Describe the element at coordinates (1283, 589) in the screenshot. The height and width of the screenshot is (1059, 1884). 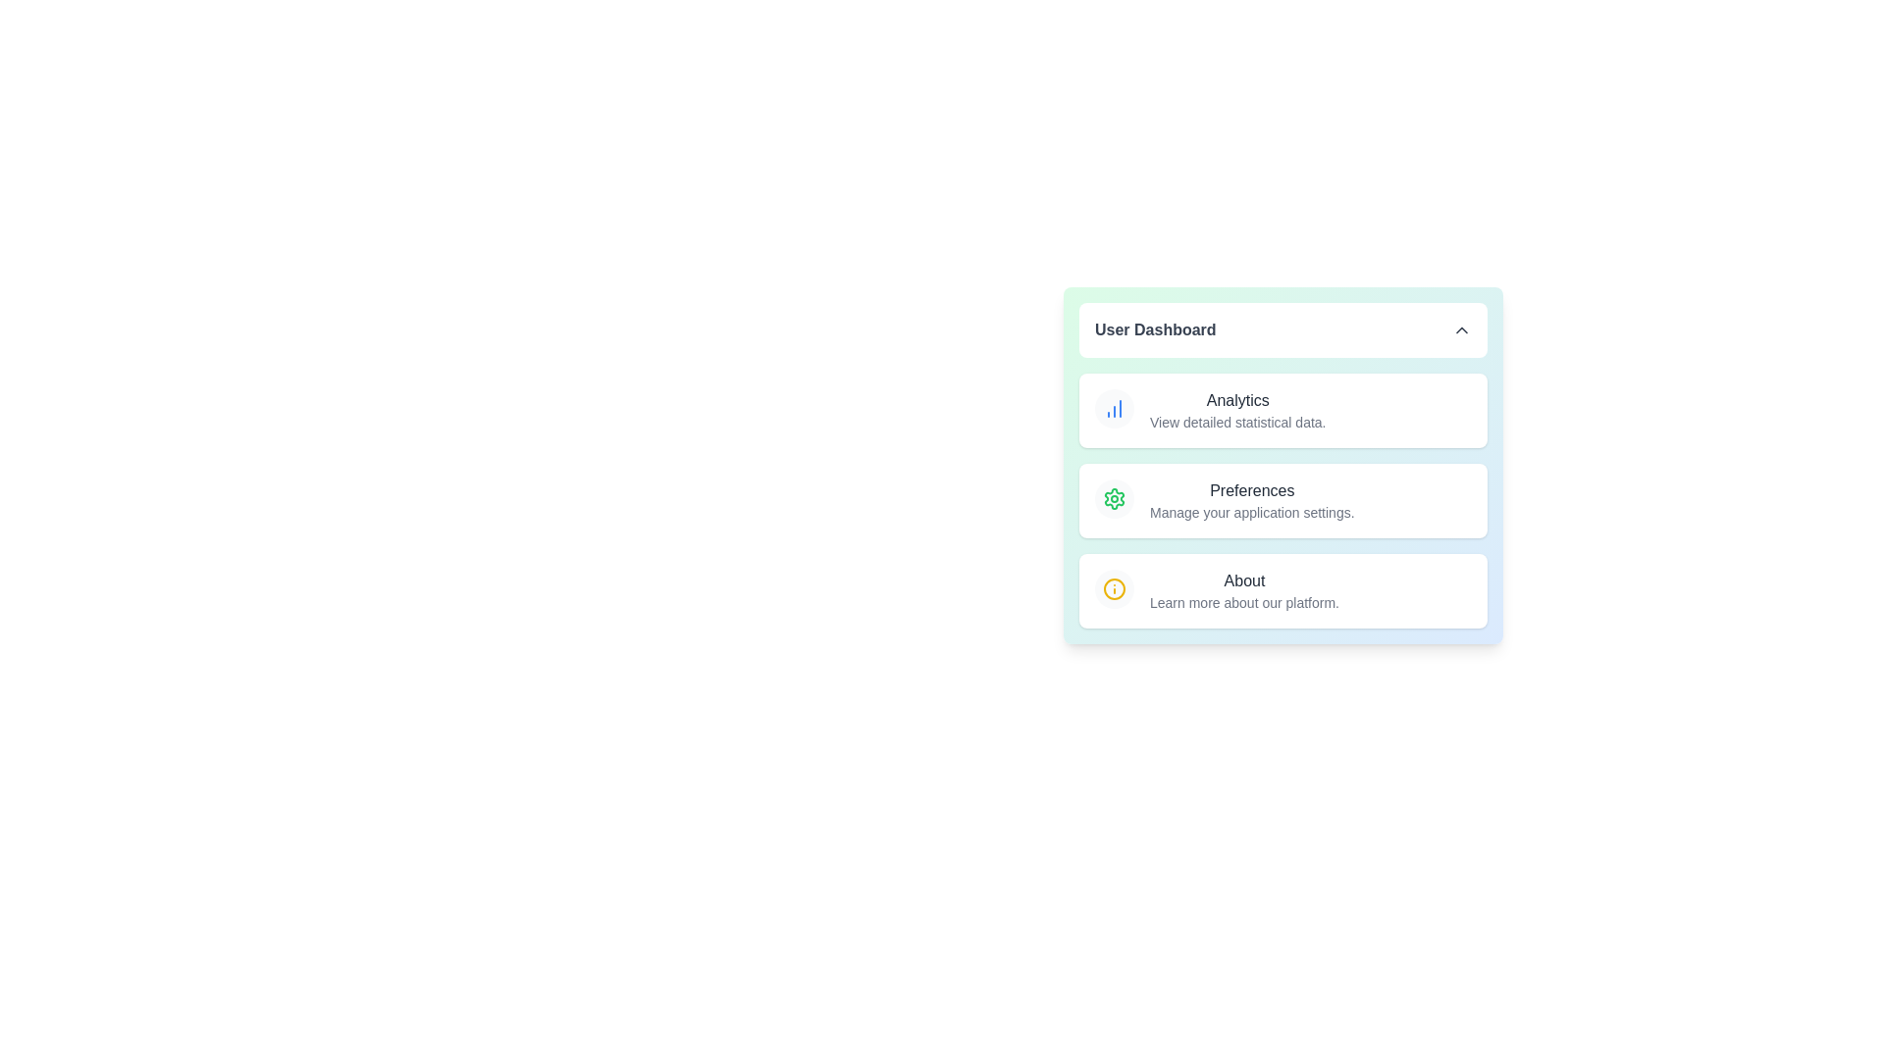
I see `the menu item About` at that location.